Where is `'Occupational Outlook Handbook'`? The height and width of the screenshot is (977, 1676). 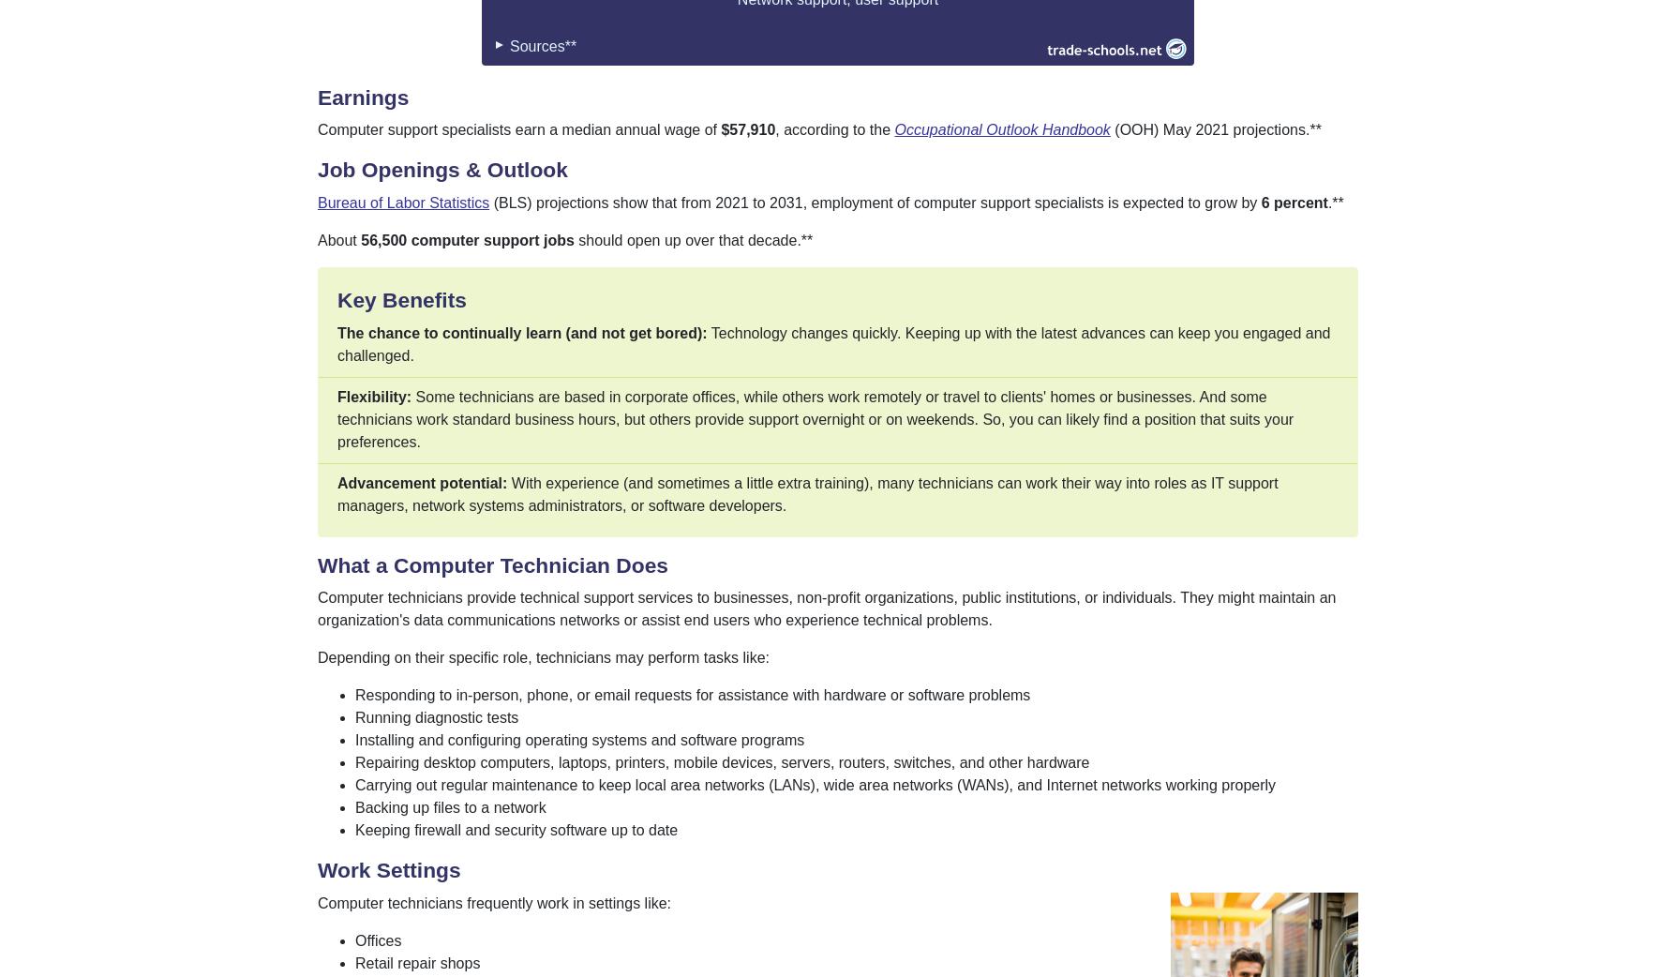
'Occupational Outlook Handbook' is located at coordinates (1002, 129).